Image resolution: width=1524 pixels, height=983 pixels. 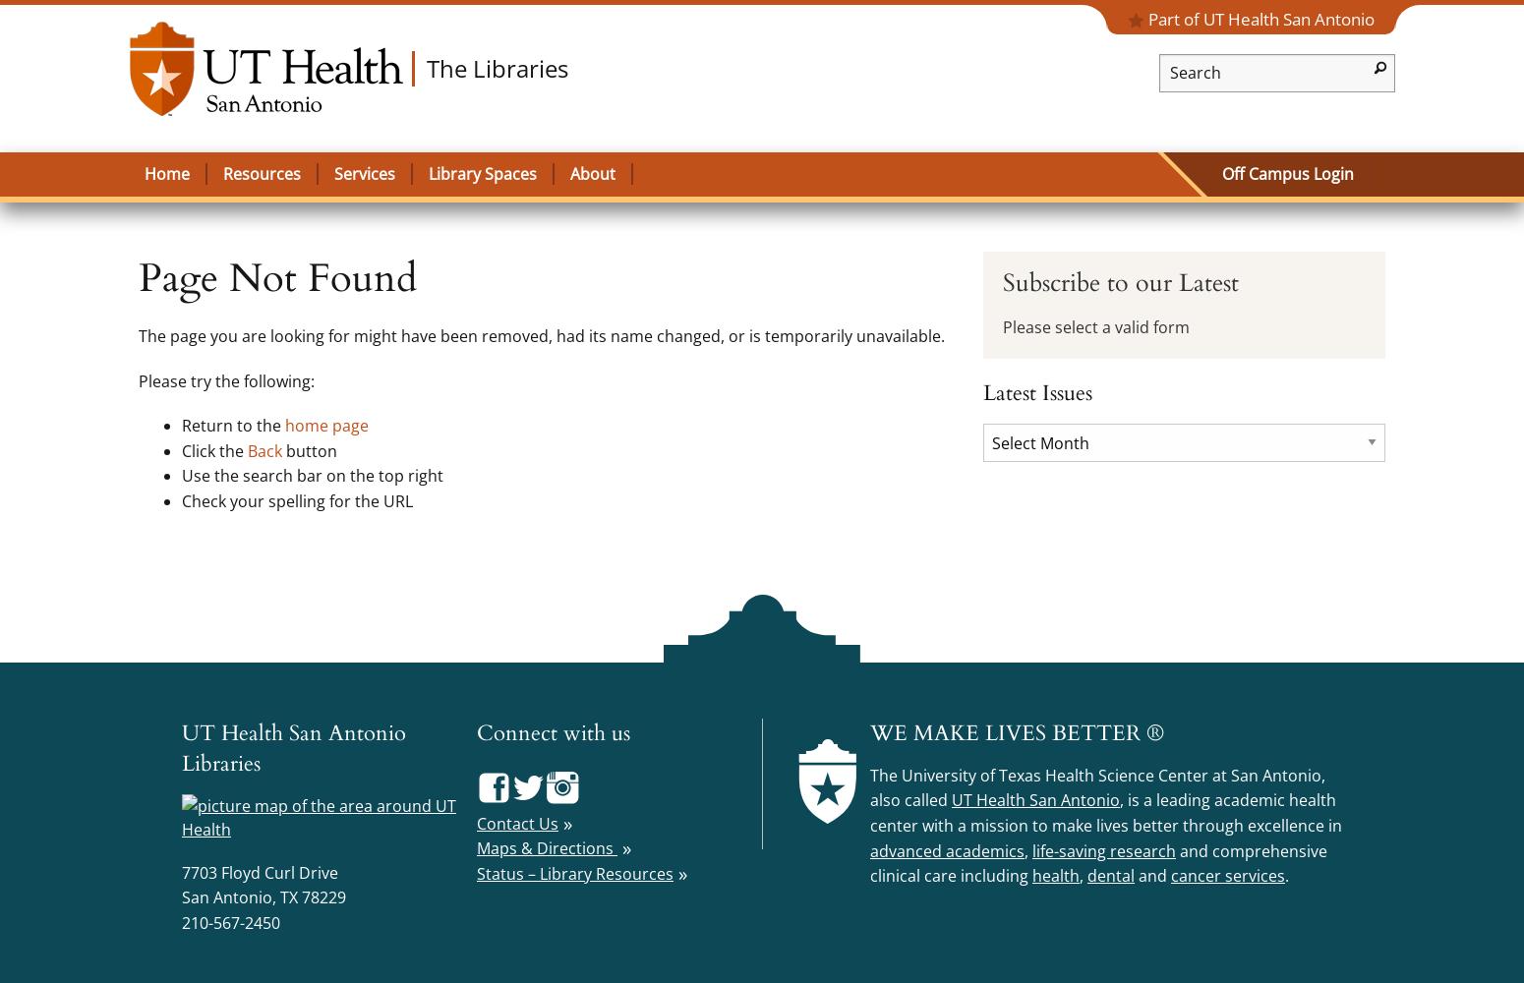 What do you see at coordinates (1017, 732) in the screenshot?
I see `'WE MAKE LIVES BETTER ®'` at bounding box center [1017, 732].